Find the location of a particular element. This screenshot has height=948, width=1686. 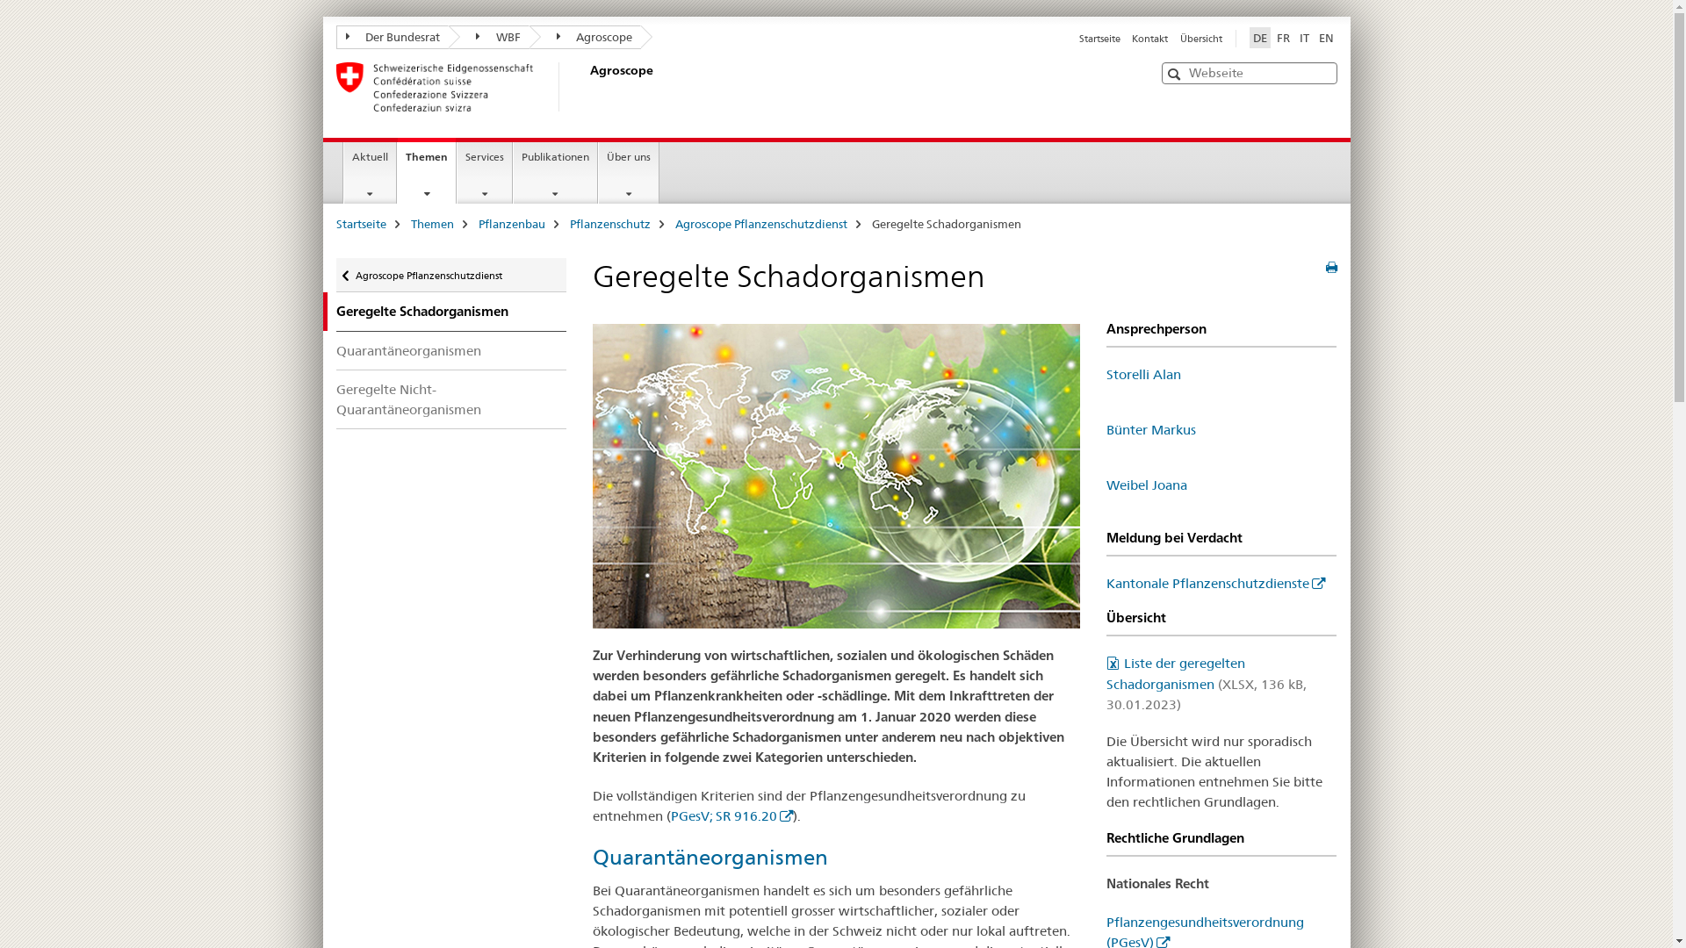

'Themen is located at coordinates (426, 170).